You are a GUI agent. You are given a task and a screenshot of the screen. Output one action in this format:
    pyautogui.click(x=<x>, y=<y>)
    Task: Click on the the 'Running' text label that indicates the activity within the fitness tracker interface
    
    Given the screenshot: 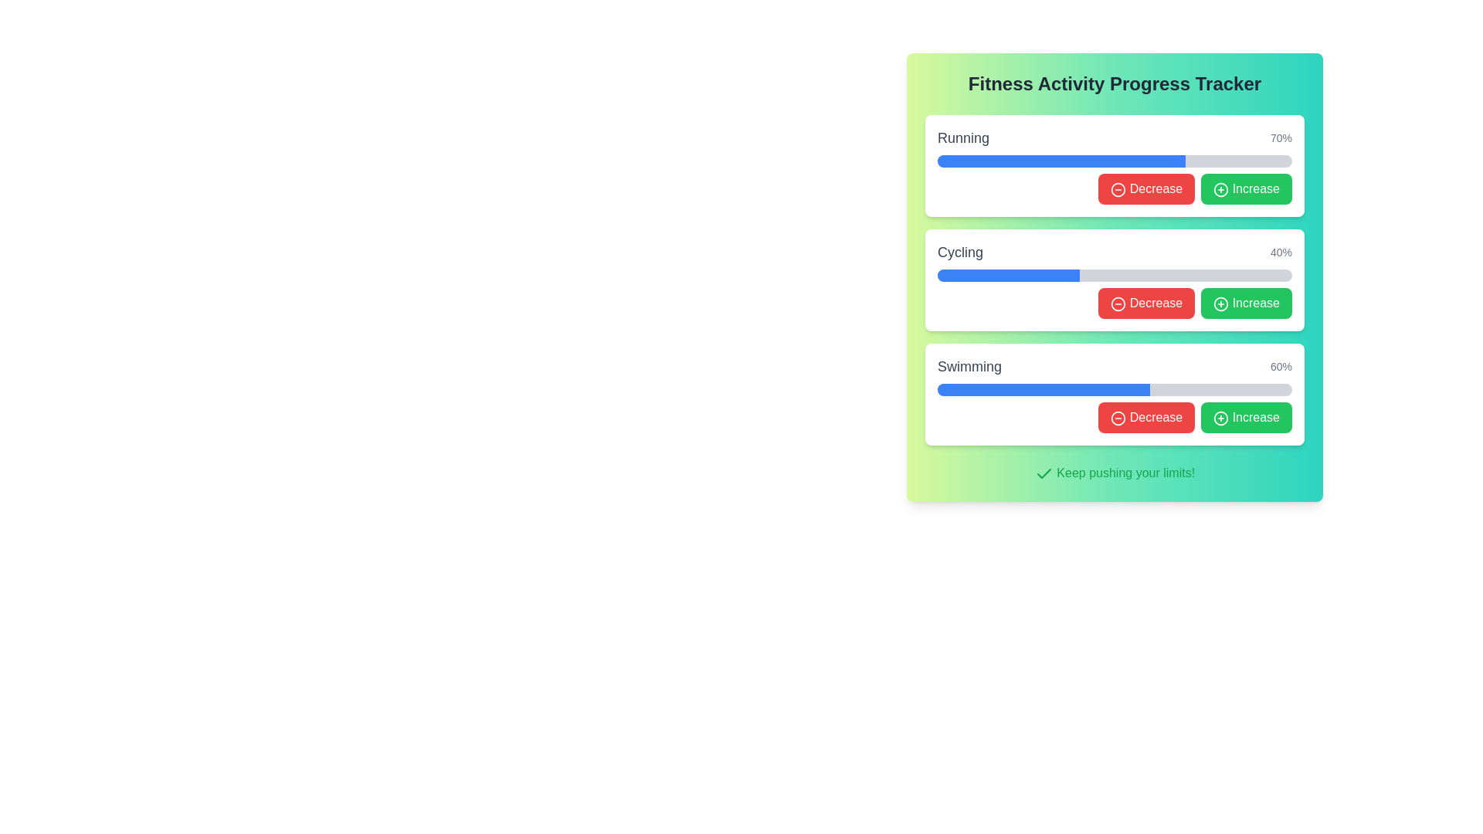 What is the action you would take?
    pyautogui.click(x=962, y=137)
    